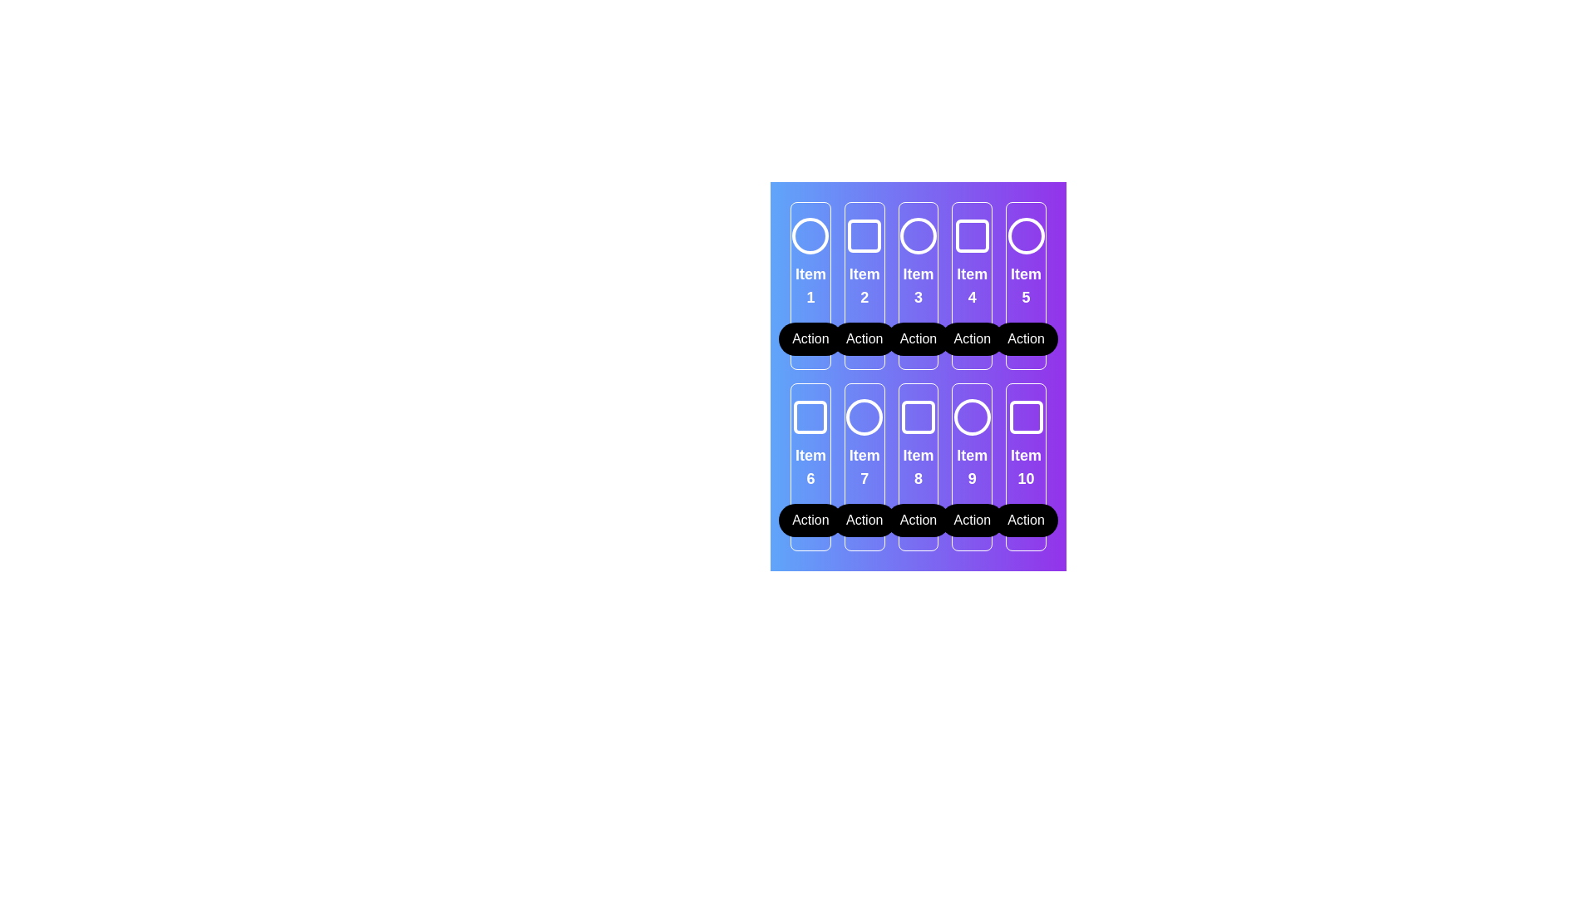  What do you see at coordinates (810, 236) in the screenshot?
I see `the circular graphical element located in the top row and first column of the grid layout` at bounding box center [810, 236].